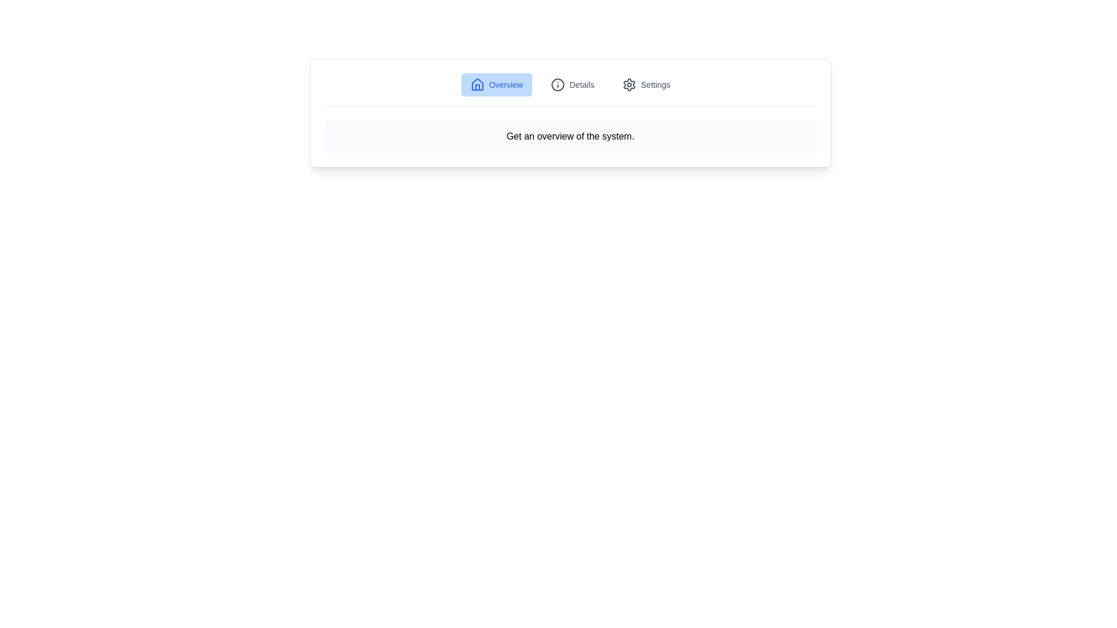  Describe the element at coordinates (570, 136) in the screenshot. I see `informational text displayed in the text box located below the buttons labeled 'Overview,' 'Details,' and 'Settings.'` at that location.